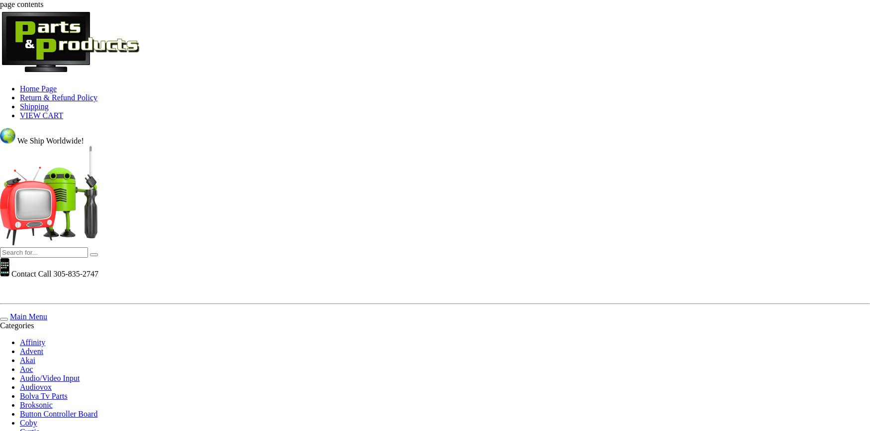 The image size is (870, 431). I want to click on 'Aoc', so click(26, 369).